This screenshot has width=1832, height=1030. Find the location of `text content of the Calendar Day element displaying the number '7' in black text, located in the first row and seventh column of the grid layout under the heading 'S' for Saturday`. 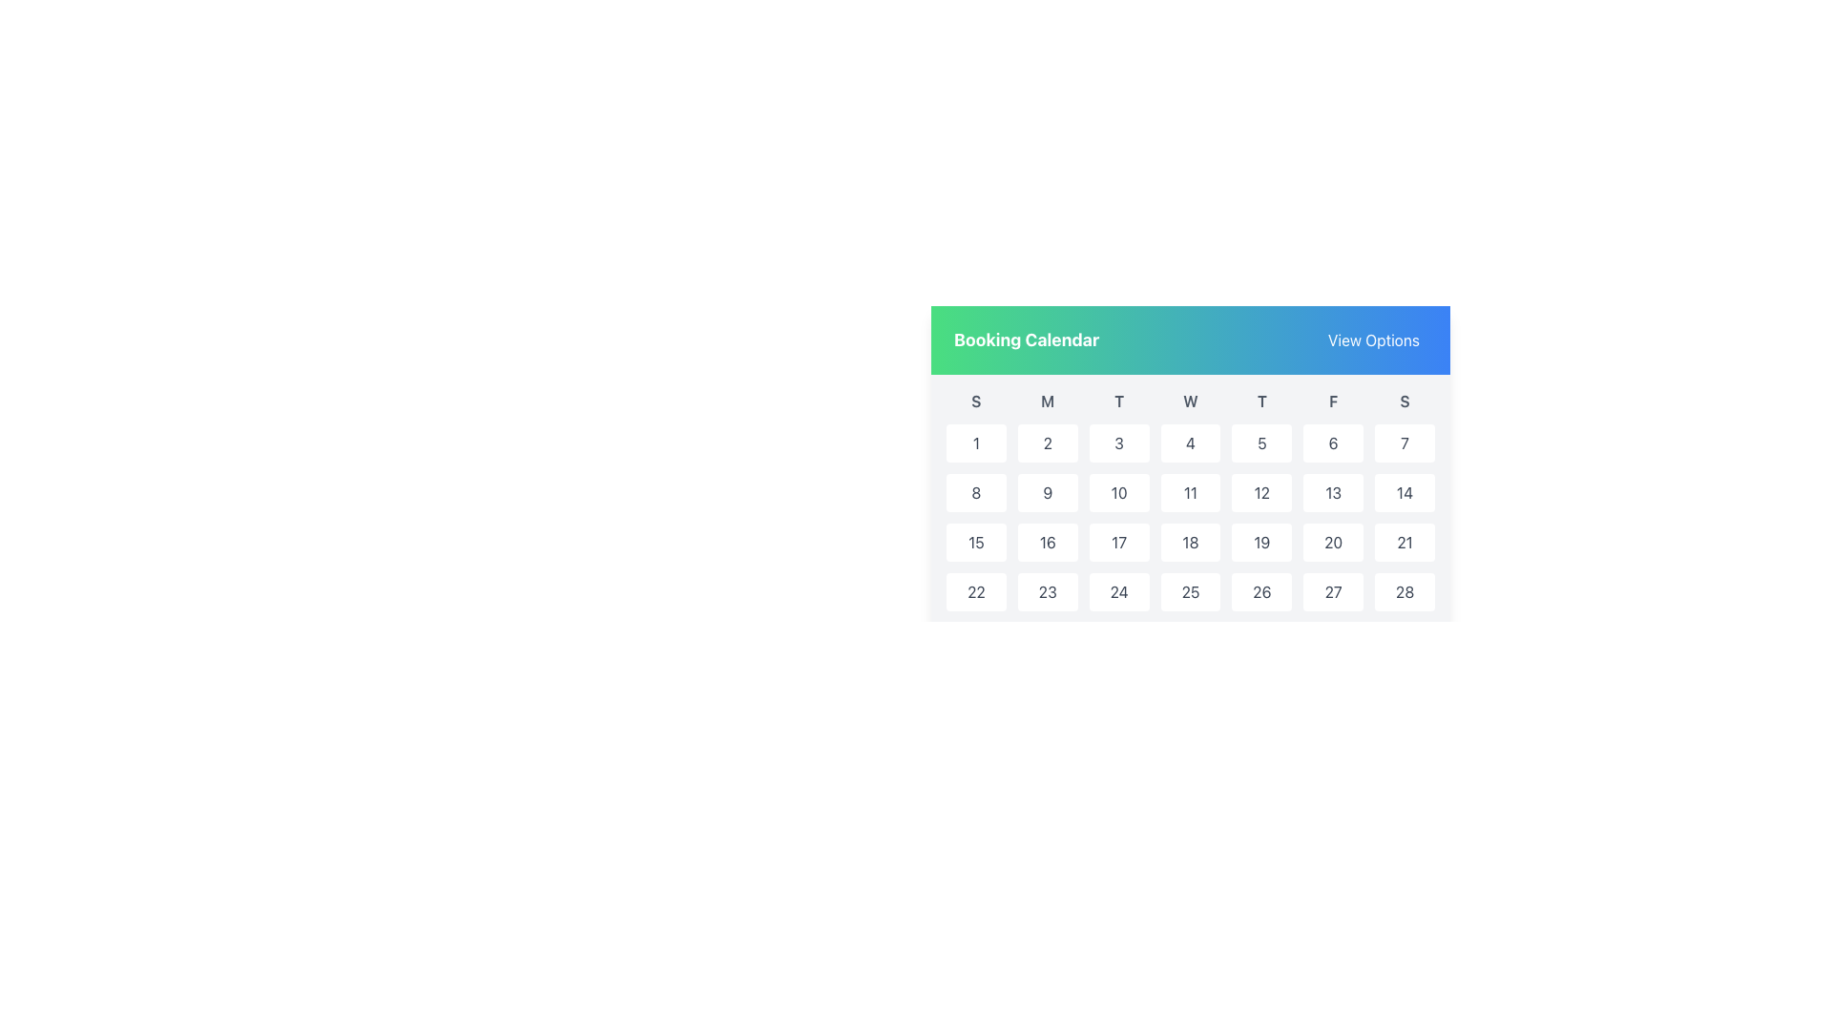

text content of the Calendar Day element displaying the number '7' in black text, located in the first row and seventh column of the grid layout under the heading 'S' for Saturday is located at coordinates (1405, 443).